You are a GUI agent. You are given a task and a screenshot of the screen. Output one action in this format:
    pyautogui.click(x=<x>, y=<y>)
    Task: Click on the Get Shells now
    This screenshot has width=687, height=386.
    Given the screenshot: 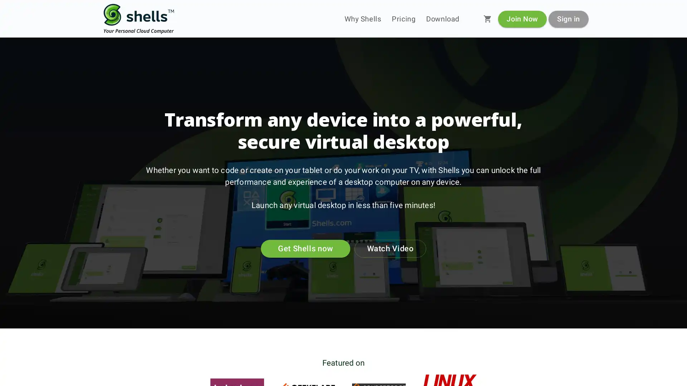 What is the action you would take?
    pyautogui.click(x=306, y=248)
    